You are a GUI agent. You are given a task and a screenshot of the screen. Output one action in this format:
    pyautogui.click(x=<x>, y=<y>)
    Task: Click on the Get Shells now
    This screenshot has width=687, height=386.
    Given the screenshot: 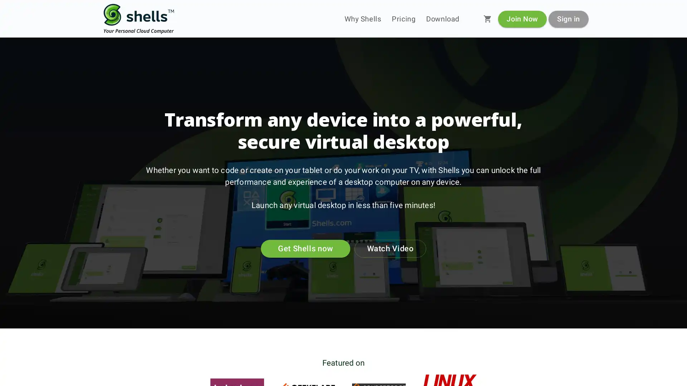 What is the action you would take?
    pyautogui.click(x=306, y=248)
    